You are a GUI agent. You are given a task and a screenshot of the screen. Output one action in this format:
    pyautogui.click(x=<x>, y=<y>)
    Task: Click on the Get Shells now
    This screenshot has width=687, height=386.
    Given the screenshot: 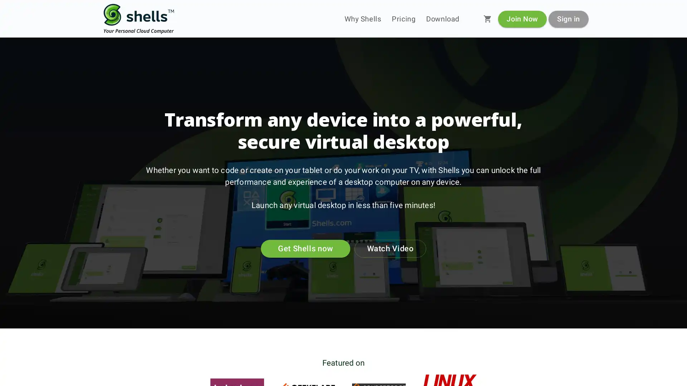 What is the action you would take?
    pyautogui.click(x=306, y=248)
    